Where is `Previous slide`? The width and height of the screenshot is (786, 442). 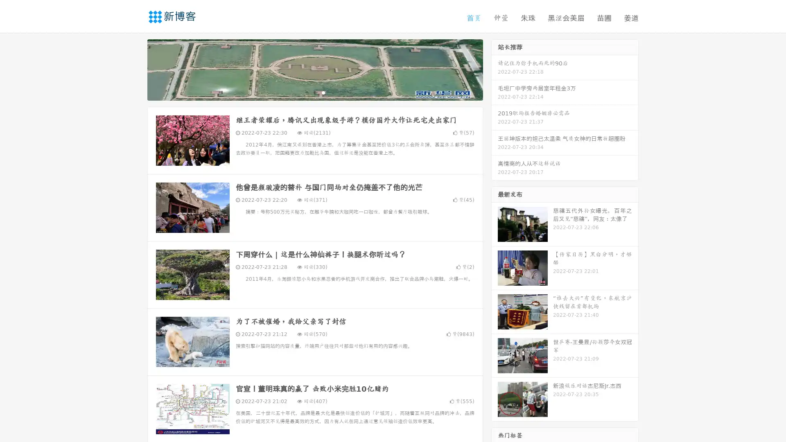
Previous slide is located at coordinates (135, 69).